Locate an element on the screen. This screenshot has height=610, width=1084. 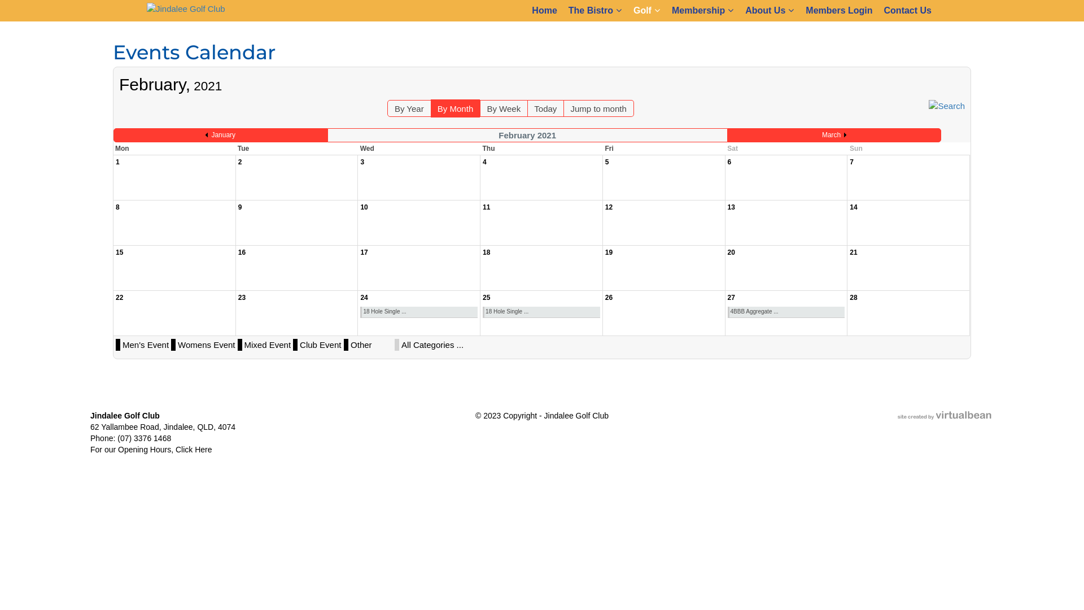
'6' is located at coordinates (729, 162).